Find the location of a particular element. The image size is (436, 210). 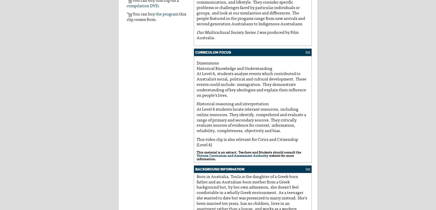

'website for more information.' is located at coordinates (245, 157).